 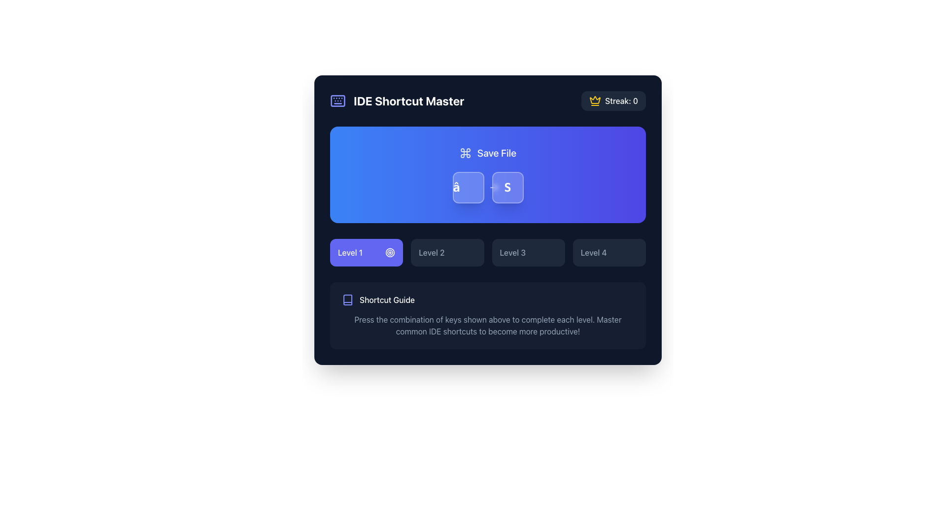 I want to click on the 'Save File' icon located in the top-left portion of the box labeled 'Save File', so click(x=465, y=153).